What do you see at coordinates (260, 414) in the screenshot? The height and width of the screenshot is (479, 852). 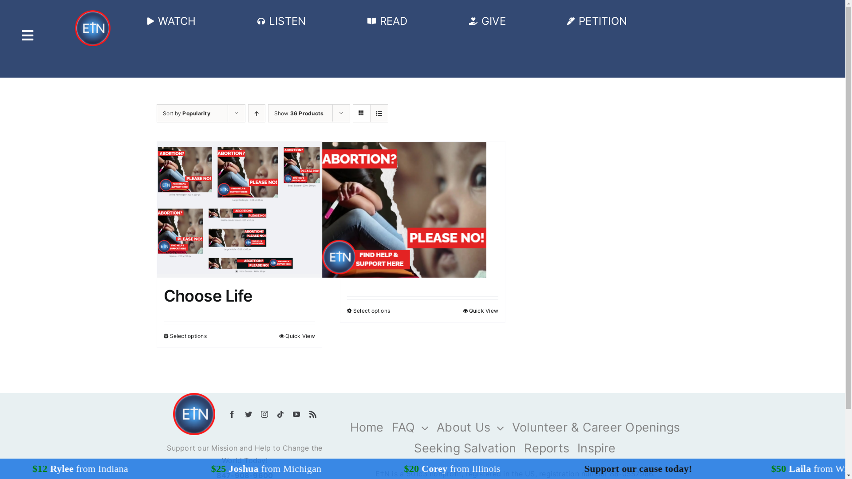 I see `'Instagram'` at bounding box center [260, 414].